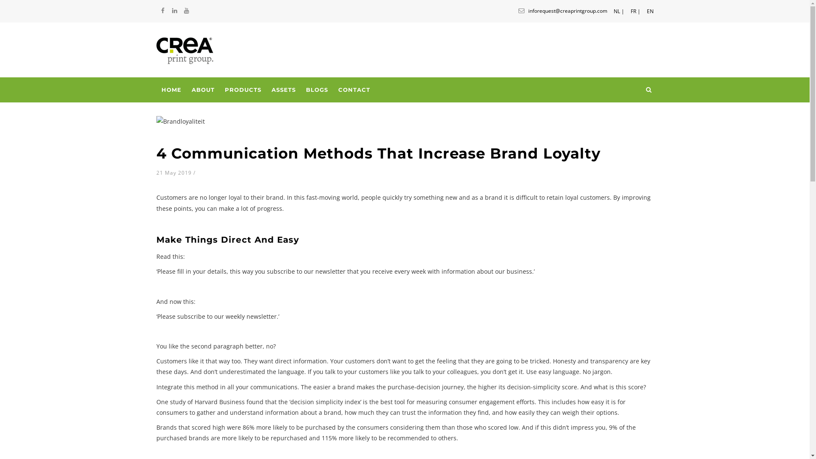 The width and height of the screenshot is (816, 459). I want to click on 'inforequest@creaprintgroup.com', so click(561, 11).